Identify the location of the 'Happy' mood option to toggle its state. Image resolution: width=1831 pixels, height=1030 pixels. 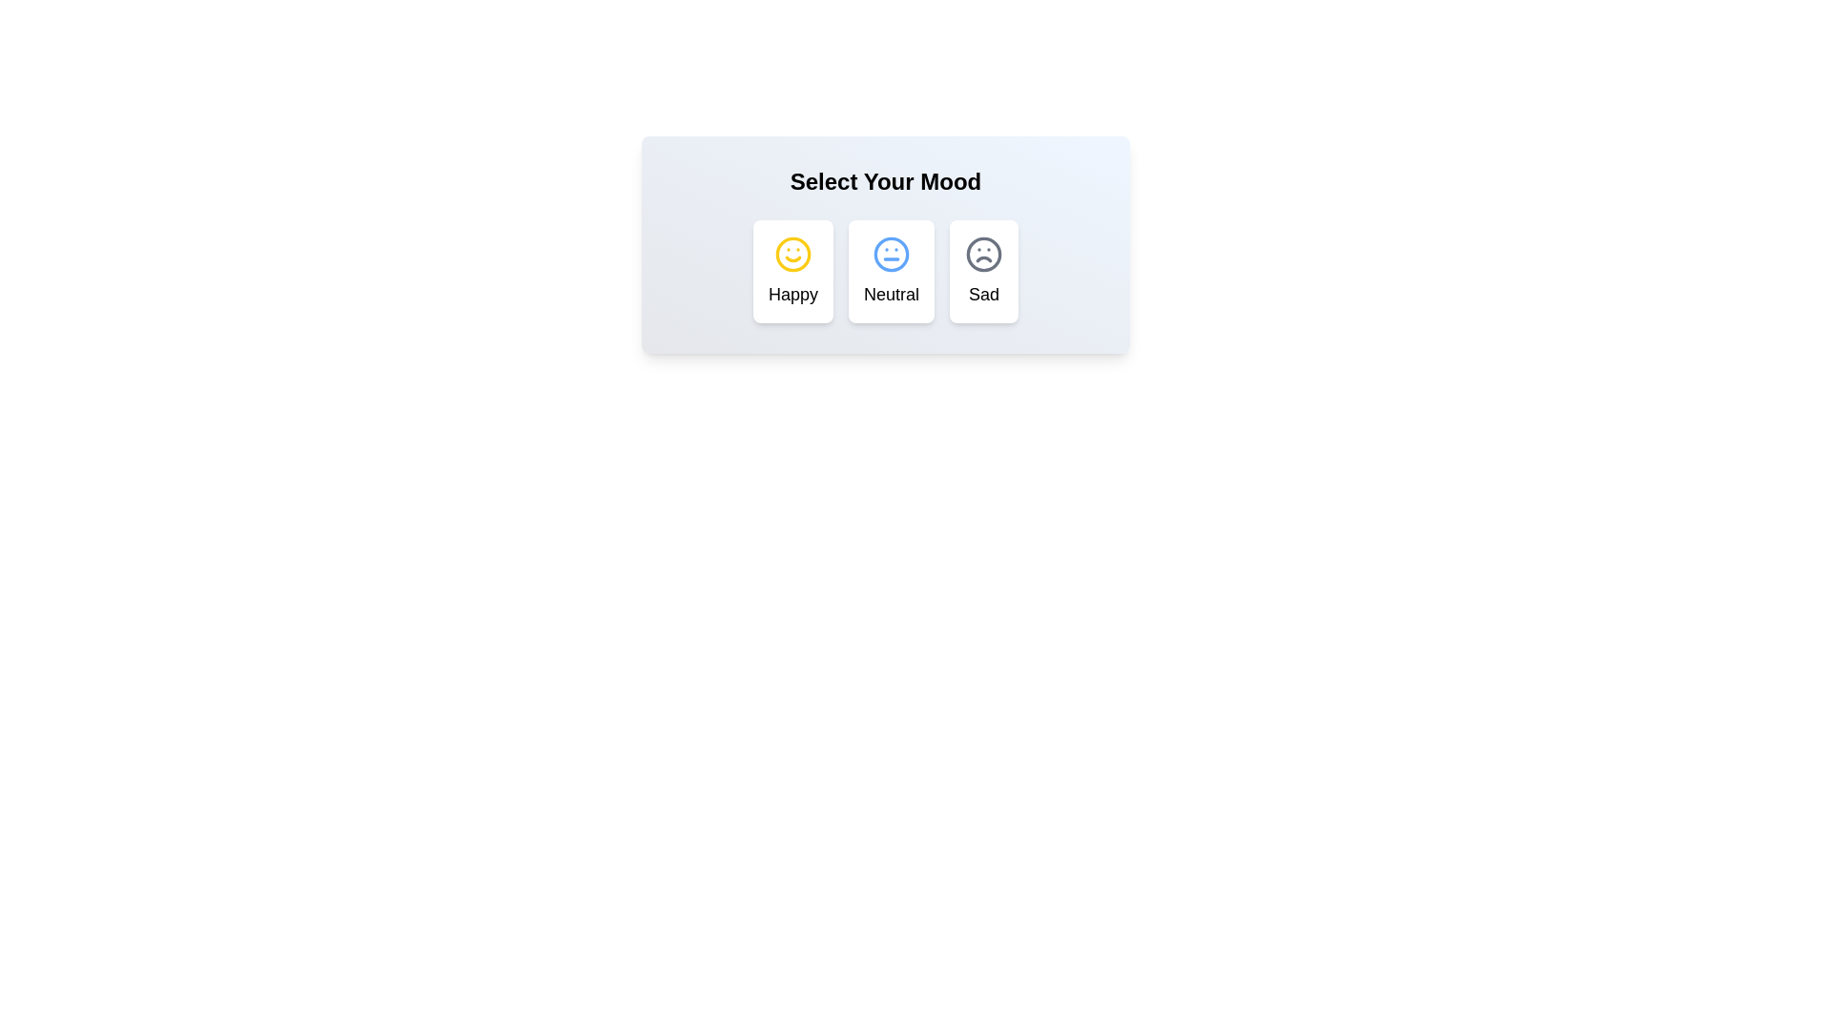
(792, 272).